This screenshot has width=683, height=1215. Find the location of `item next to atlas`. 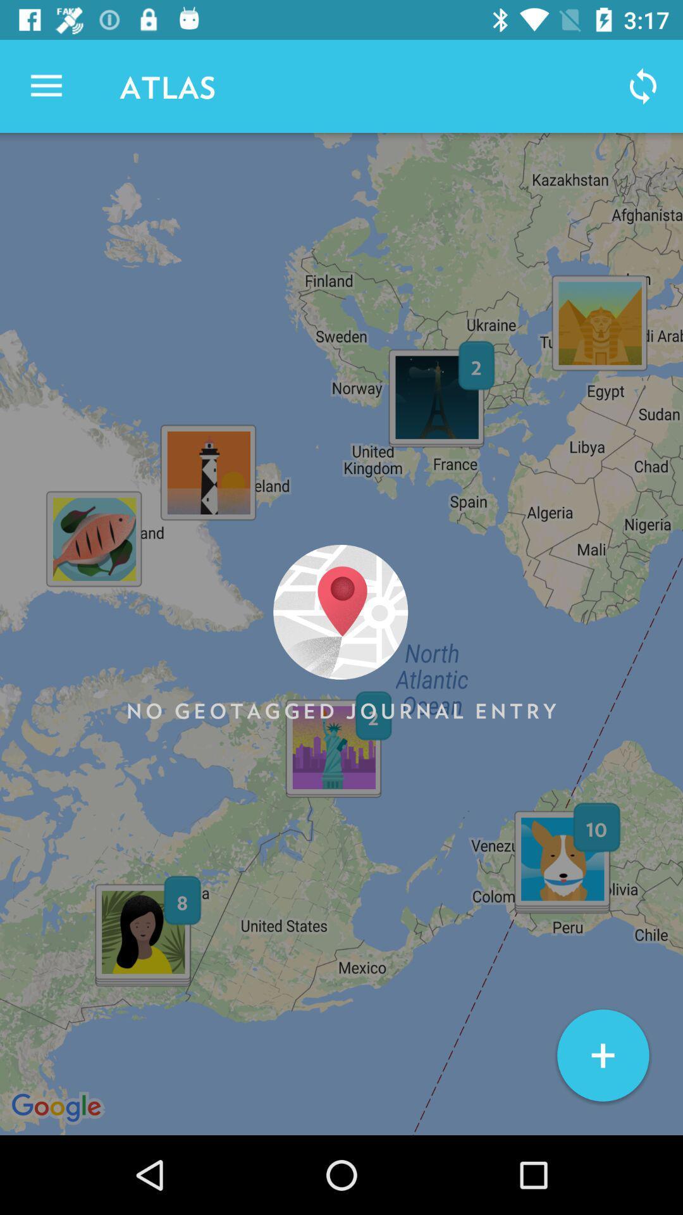

item next to atlas is located at coordinates (46, 85).